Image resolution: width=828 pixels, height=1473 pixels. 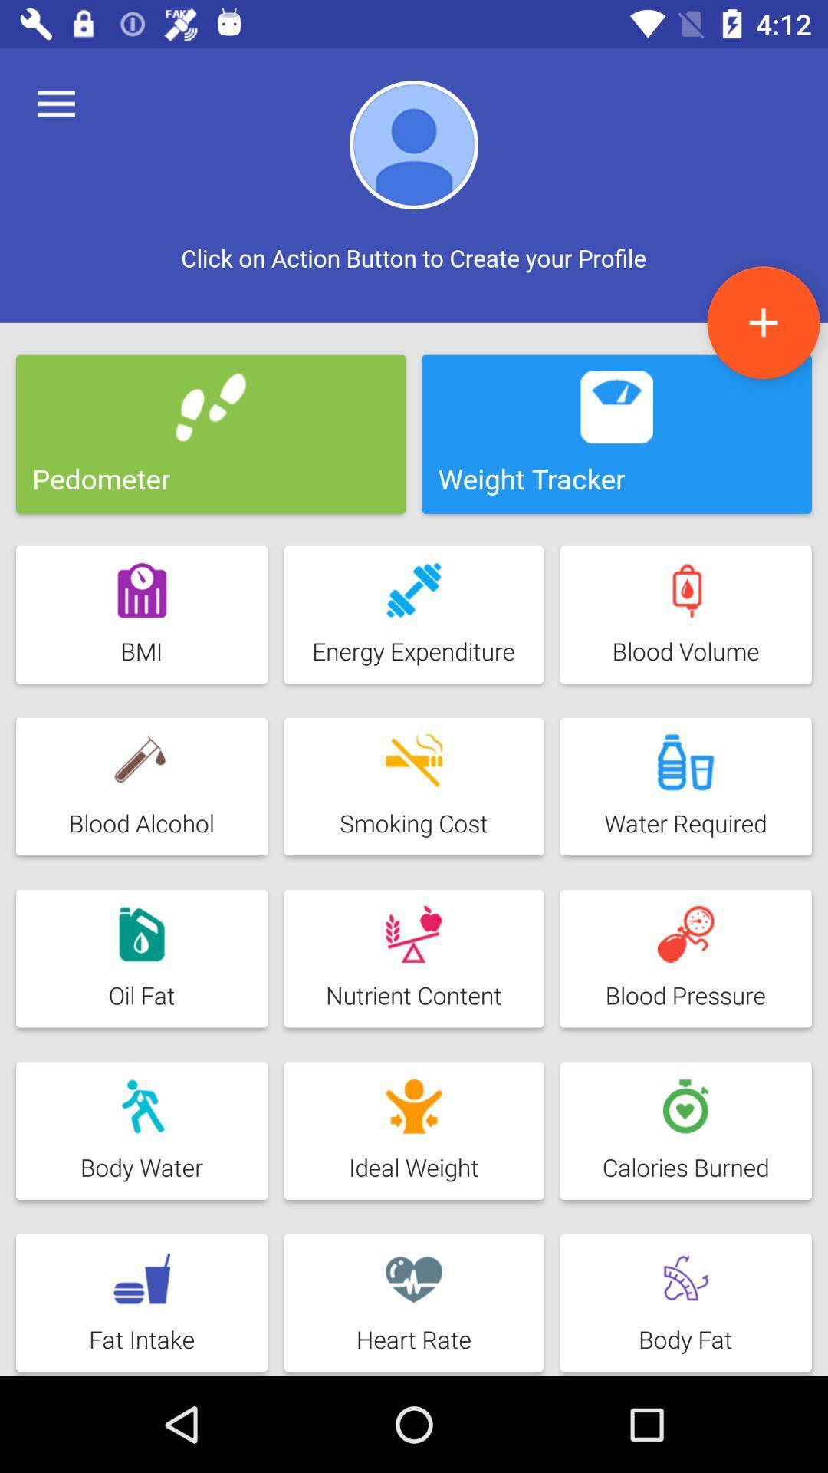 I want to click on the add icon, so click(x=763, y=321).